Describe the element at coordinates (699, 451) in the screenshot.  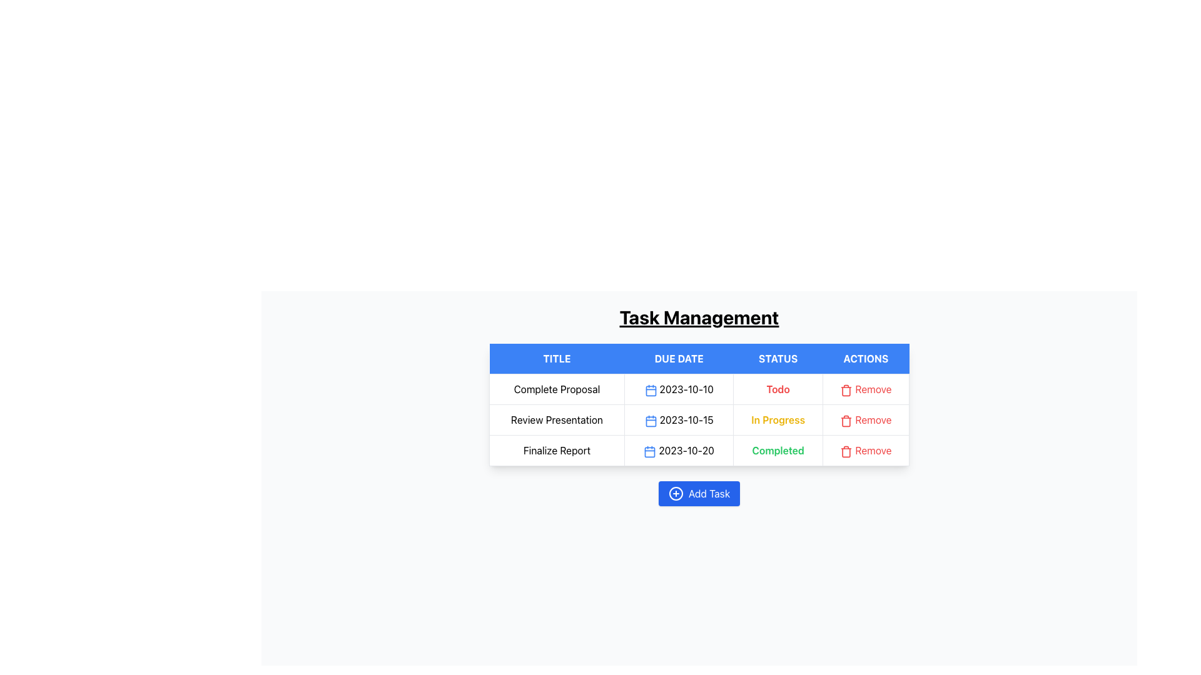
I see `the calendar icon in the task management table row displaying the task 'Finalize Report'` at that location.